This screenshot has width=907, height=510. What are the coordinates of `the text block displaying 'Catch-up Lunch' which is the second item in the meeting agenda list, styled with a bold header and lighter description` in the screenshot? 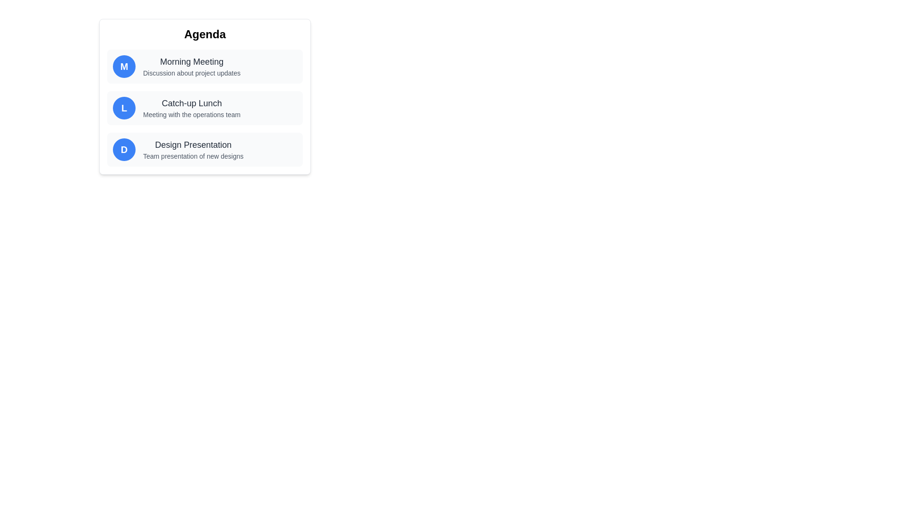 It's located at (191, 107).